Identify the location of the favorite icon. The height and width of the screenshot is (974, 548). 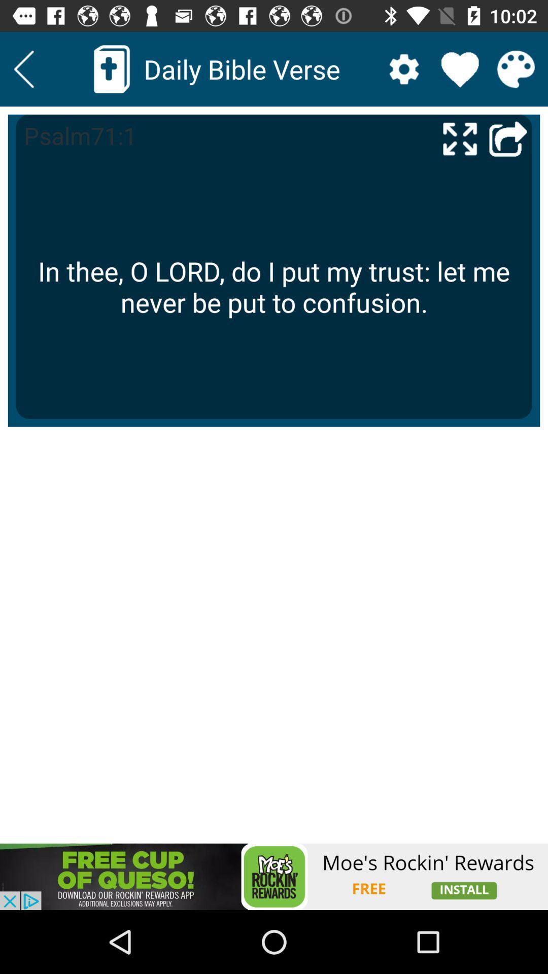
(460, 68).